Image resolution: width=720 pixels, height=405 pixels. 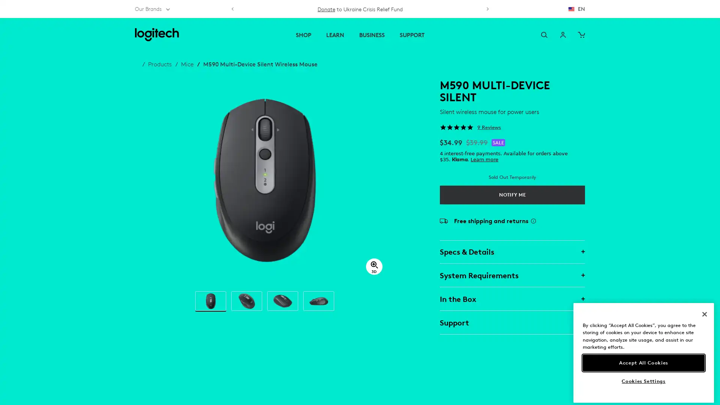 I want to click on Support, so click(x=512, y=322).